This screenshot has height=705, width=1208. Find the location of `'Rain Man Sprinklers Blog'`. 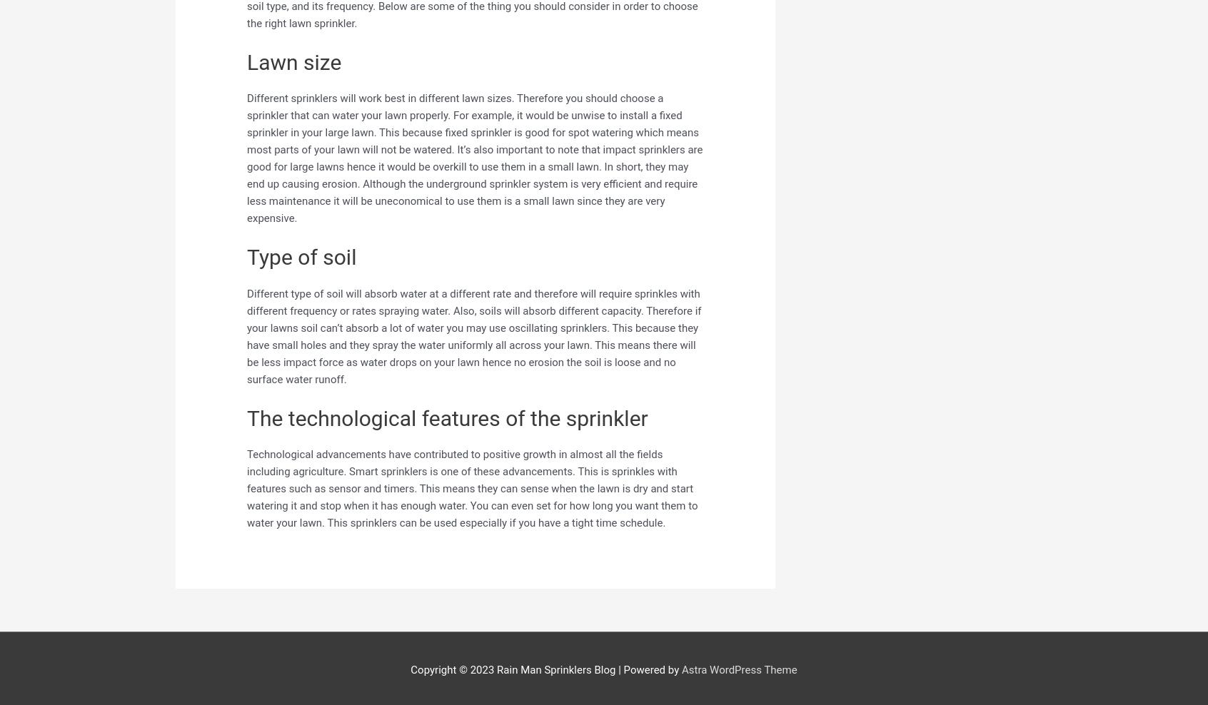

'Rain Man Sprinklers Blog' is located at coordinates (555, 669).